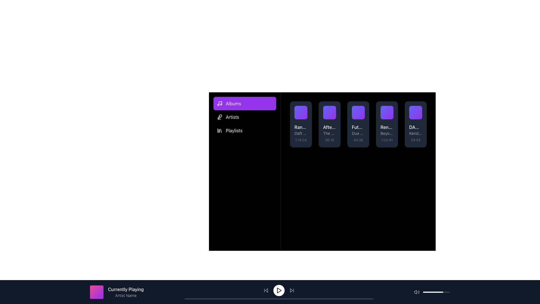 This screenshot has width=540, height=304. Describe the element at coordinates (219, 130) in the screenshot. I see `the small library icon in the 'Playlists' menu of the left sidebar, which features vertical bars that resemble books and is aligned with the 'Playlists' label` at that location.